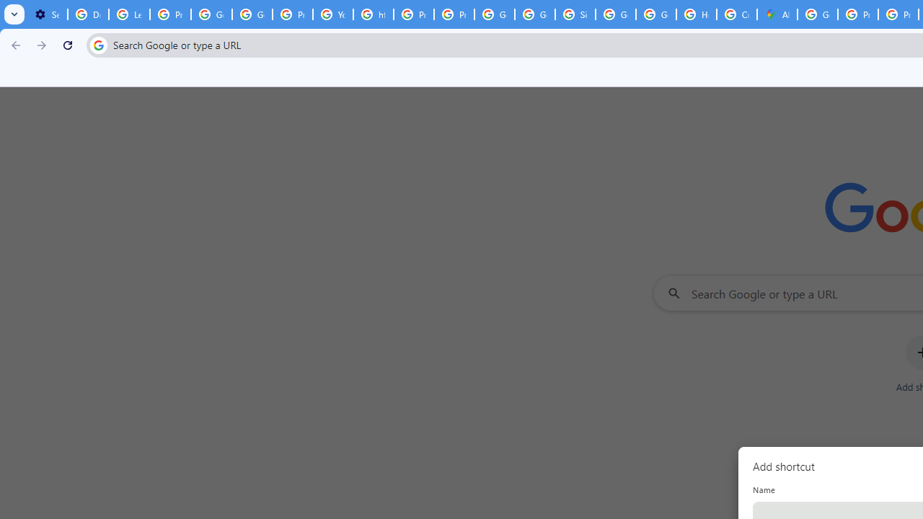  I want to click on 'Reload', so click(67, 44).